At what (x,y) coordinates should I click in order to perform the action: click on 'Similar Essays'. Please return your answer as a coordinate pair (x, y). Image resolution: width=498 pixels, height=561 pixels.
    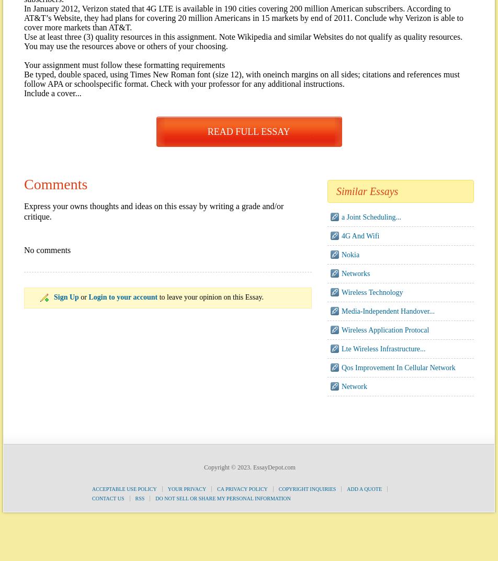
    Looking at the image, I should click on (336, 191).